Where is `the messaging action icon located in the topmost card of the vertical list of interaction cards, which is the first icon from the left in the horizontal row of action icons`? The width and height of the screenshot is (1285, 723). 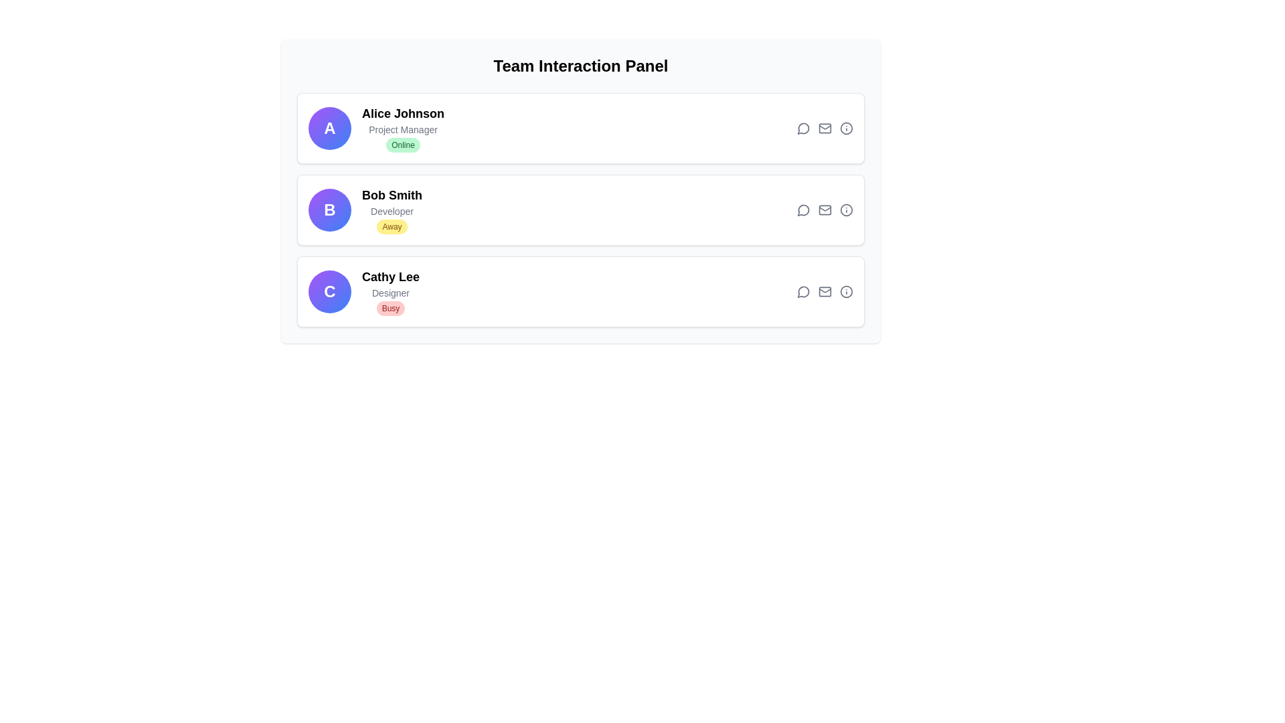 the messaging action icon located in the topmost card of the vertical list of interaction cards, which is the first icon from the left in the horizontal row of action icons is located at coordinates (803, 129).